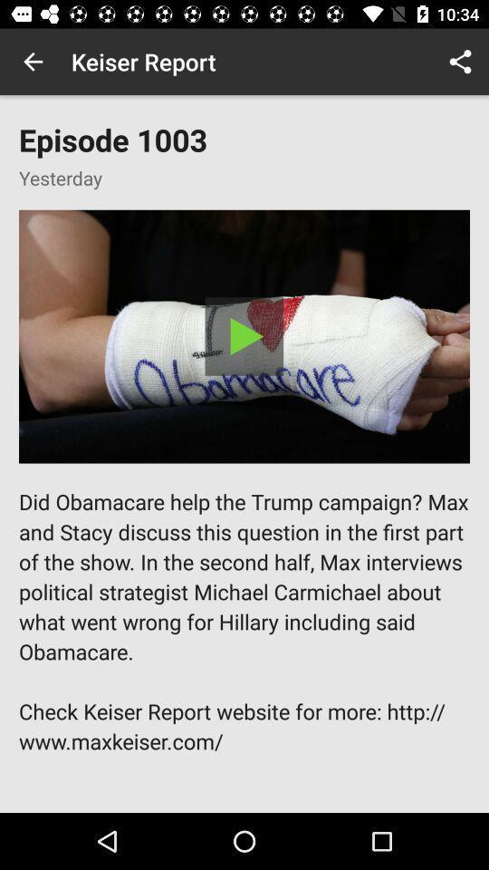 This screenshot has width=489, height=870. What do you see at coordinates (244, 335) in the screenshot?
I see `icon below the yesterday icon` at bounding box center [244, 335].